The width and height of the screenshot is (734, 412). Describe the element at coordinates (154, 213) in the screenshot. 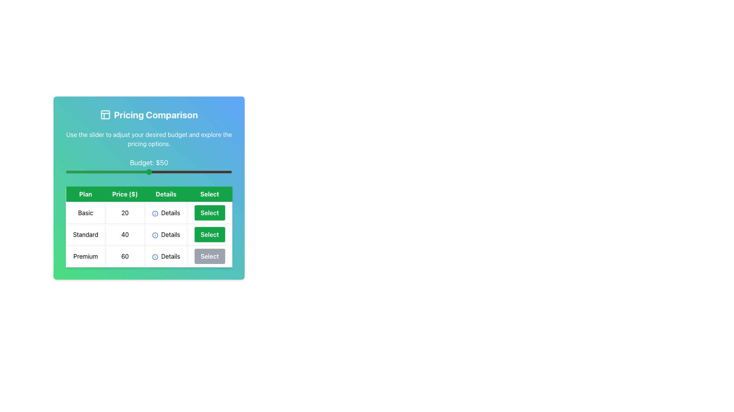

I see `the small circular information icon with a blue outline and white background located in the 'Details' column of the pricing table under the 'Basic' row` at that location.